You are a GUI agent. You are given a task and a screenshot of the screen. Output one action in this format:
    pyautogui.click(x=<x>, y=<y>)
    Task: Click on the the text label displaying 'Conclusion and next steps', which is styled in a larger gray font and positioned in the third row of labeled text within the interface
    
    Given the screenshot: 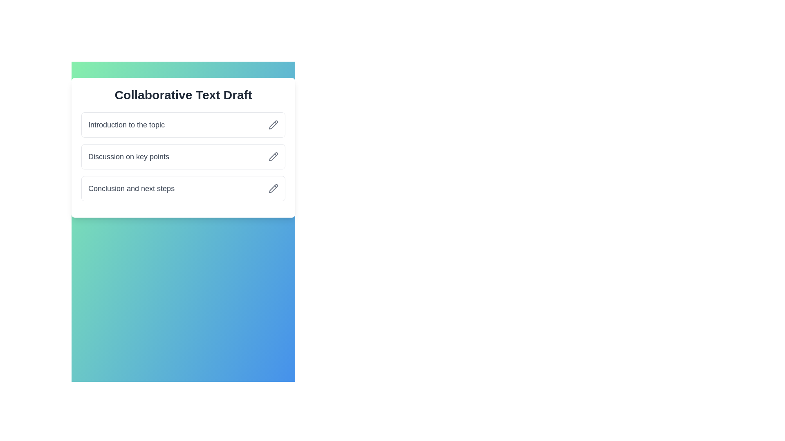 What is the action you would take?
    pyautogui.click(x=131, y=189)
    